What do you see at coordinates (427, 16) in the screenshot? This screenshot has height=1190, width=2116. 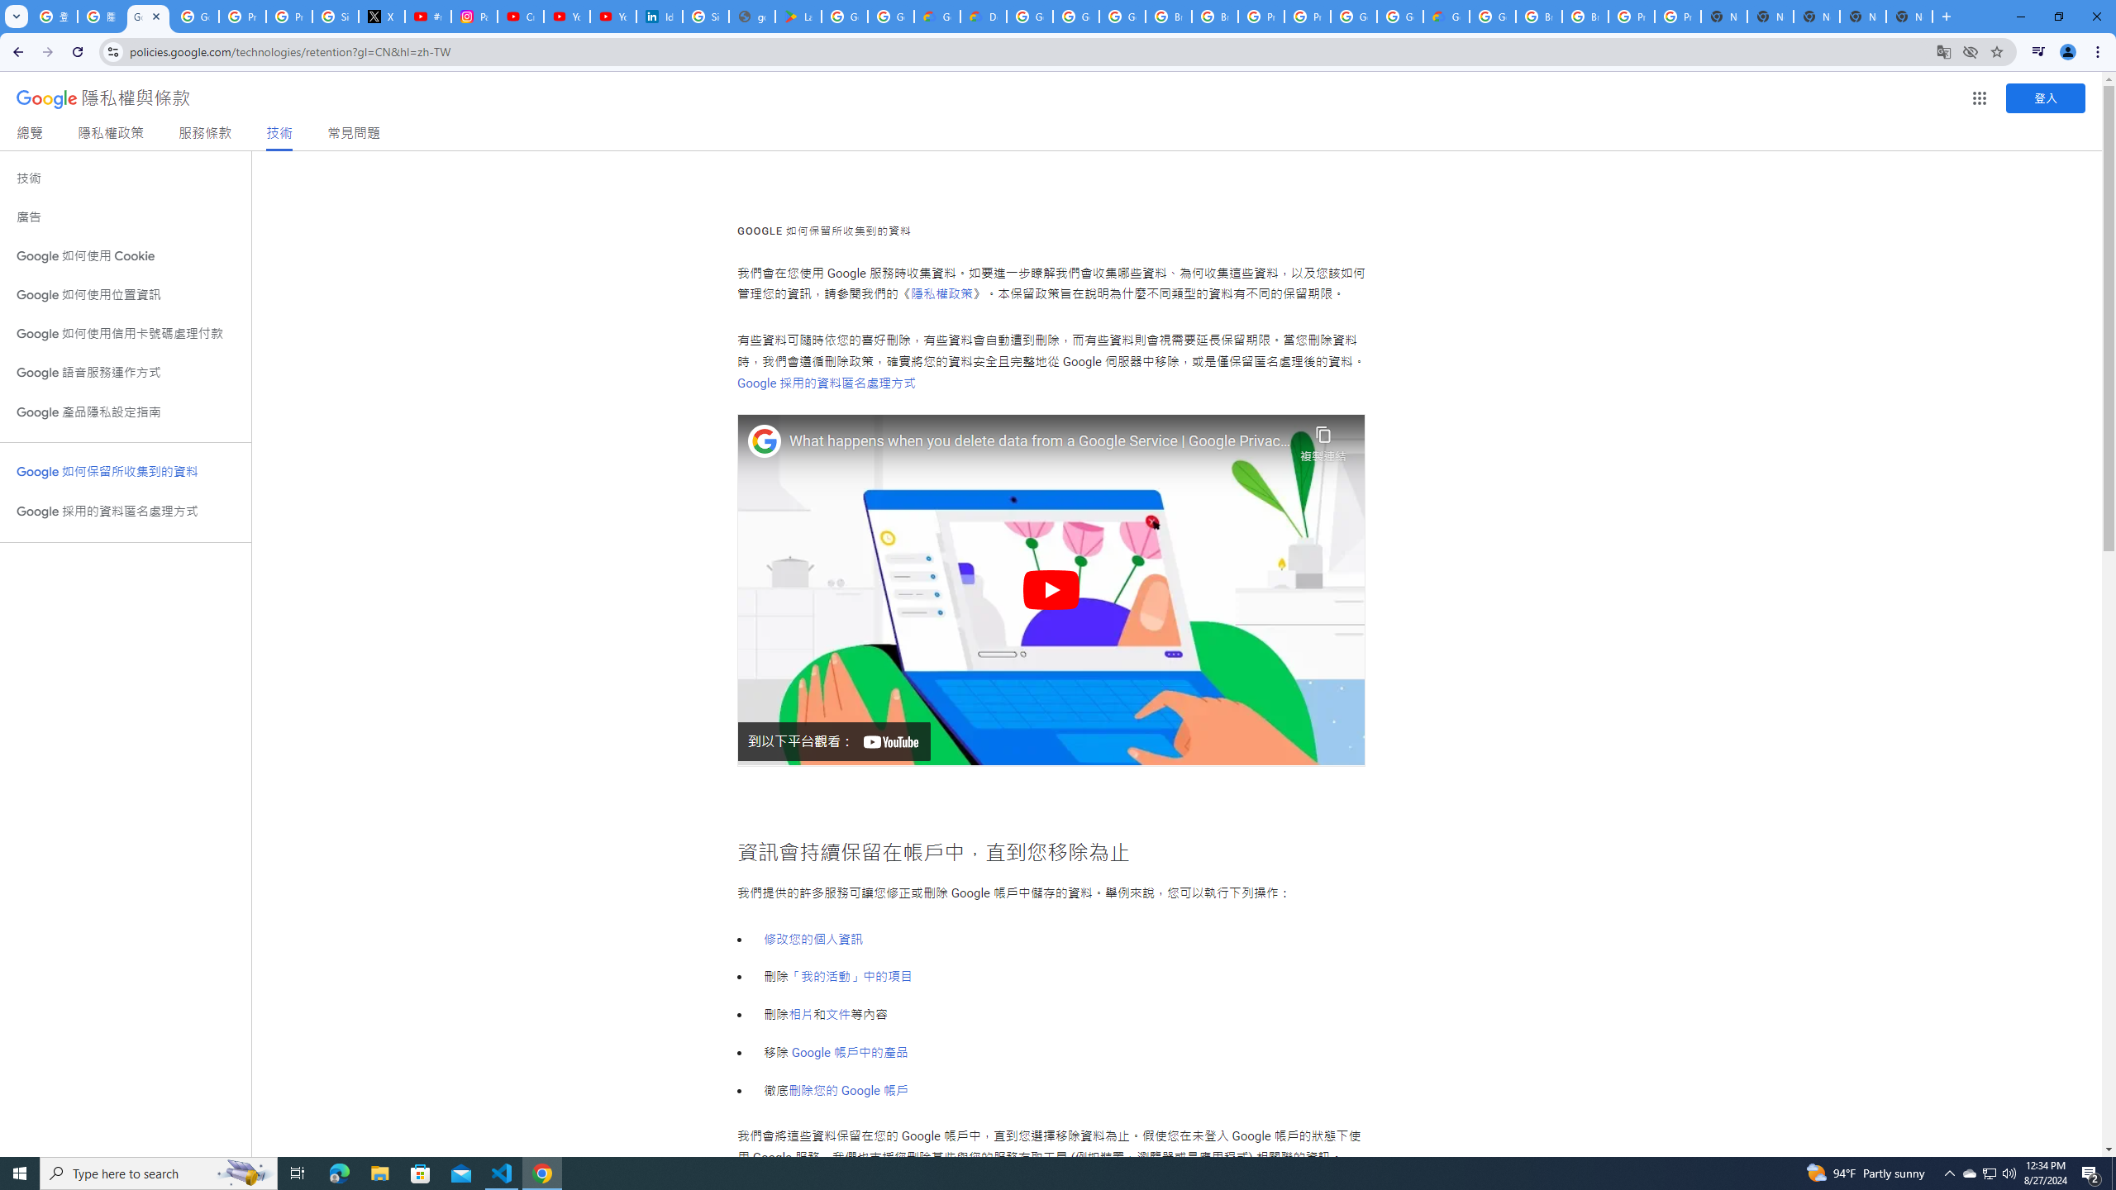 I see `'#nbabasketballhighlights - YouTube'` at bounding box center [427, 16].